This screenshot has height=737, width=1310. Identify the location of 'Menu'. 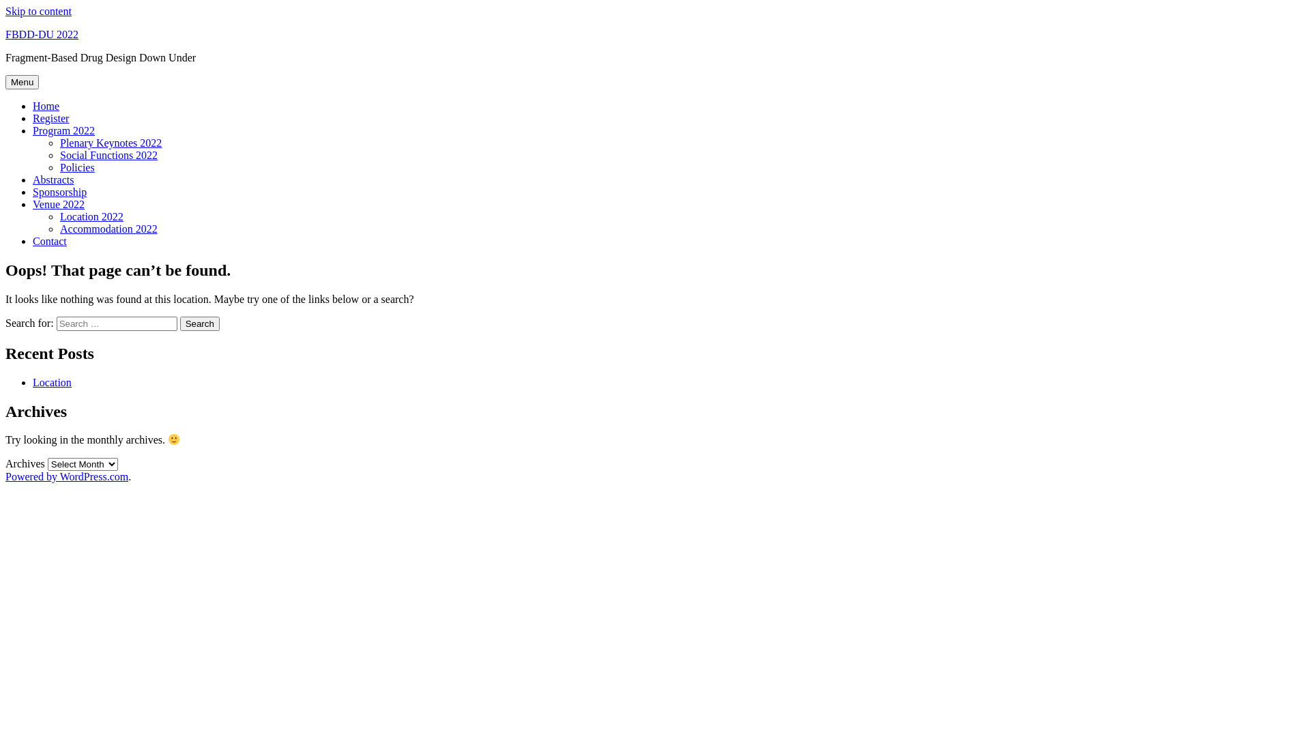
(22, 82).